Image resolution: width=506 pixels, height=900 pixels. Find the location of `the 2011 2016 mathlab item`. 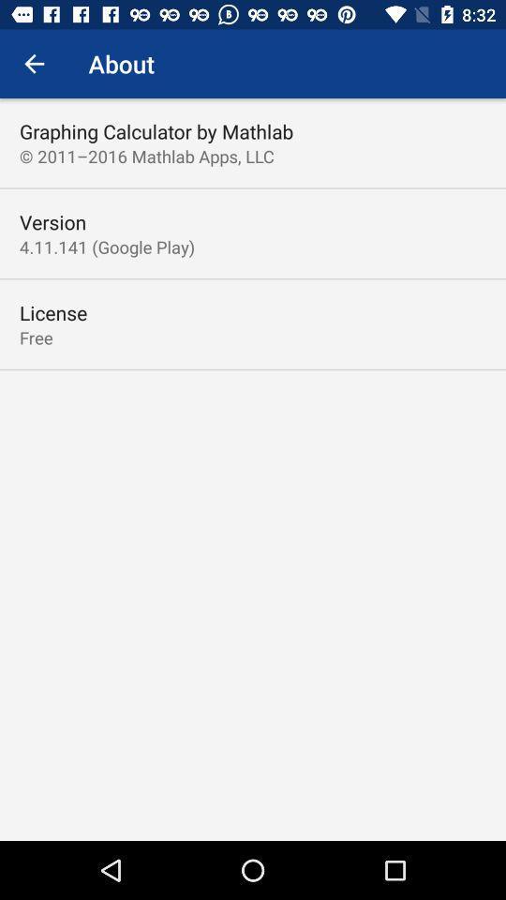

the 2011 2016 mathlab item is located at coordinates (145, 155).